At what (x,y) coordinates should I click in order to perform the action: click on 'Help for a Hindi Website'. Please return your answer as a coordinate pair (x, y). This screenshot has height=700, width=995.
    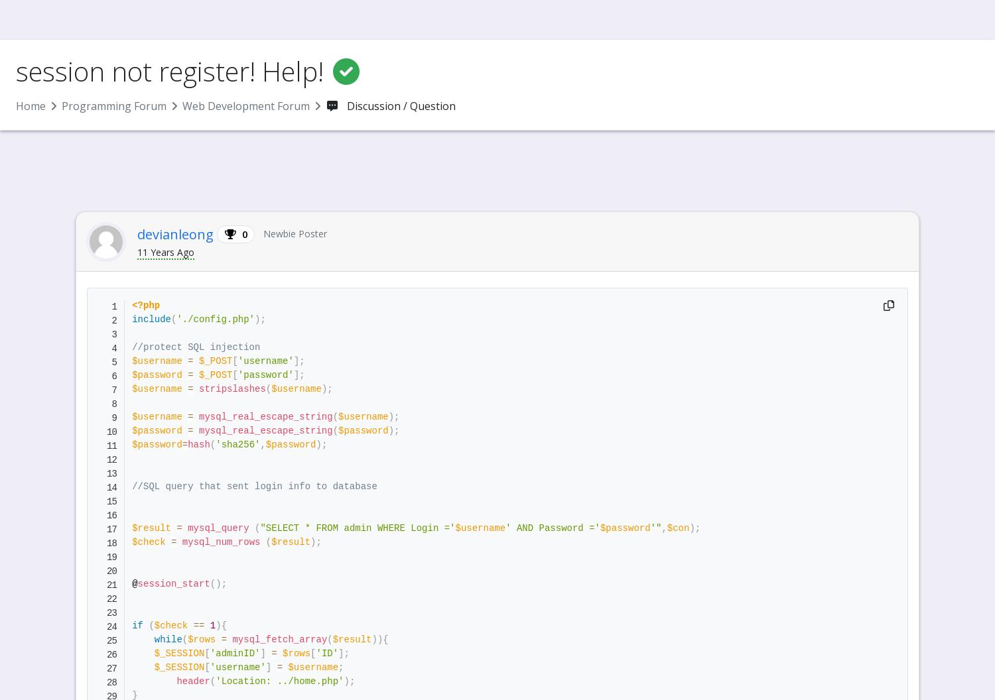
    Looking at the image, I should click on (807, 312).